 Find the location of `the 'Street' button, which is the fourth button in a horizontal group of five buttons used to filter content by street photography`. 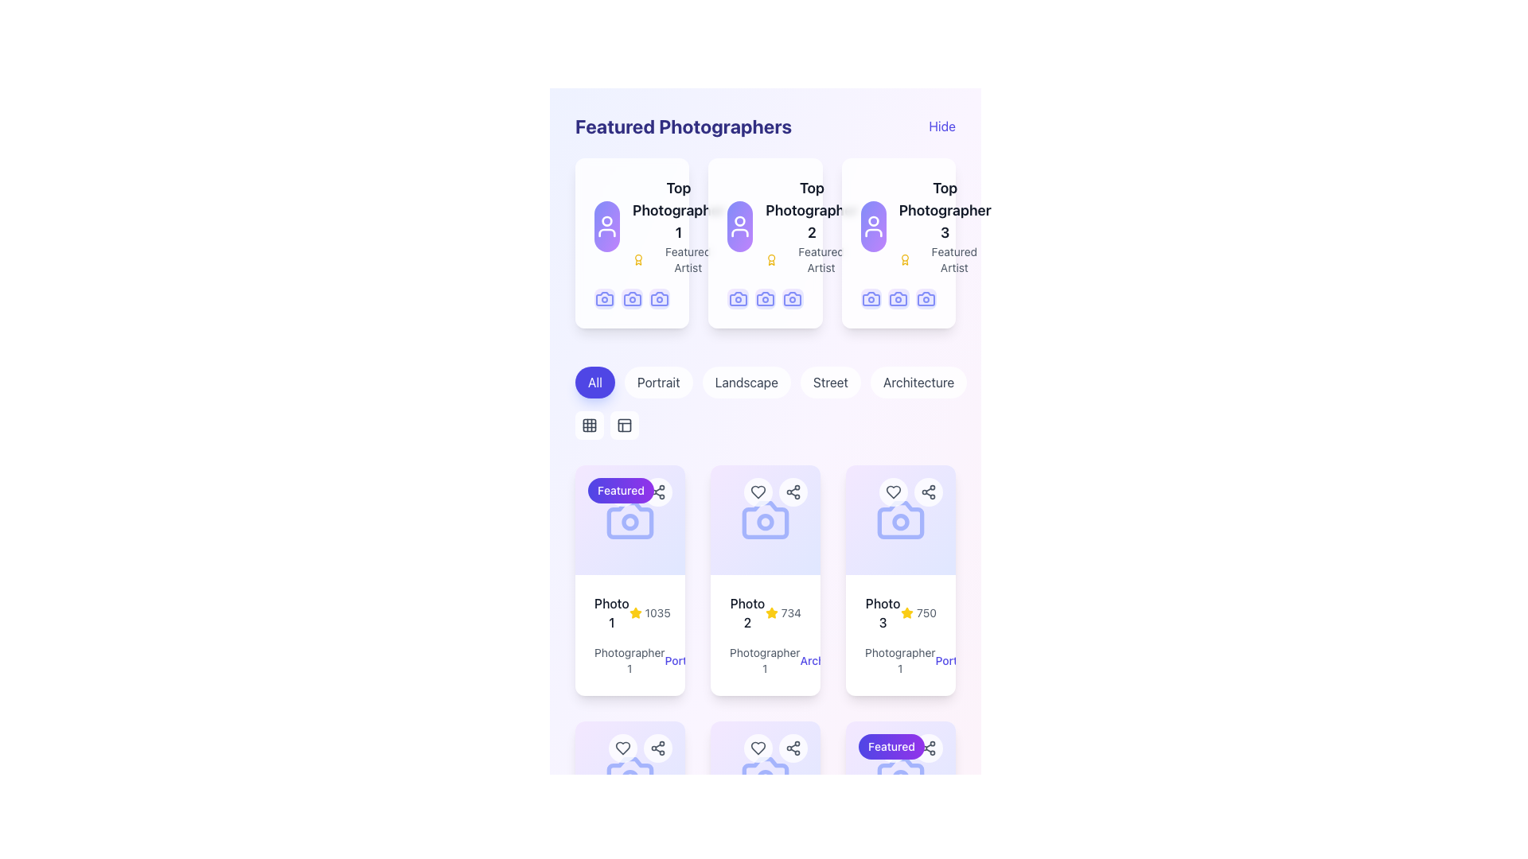

the 'Street' button, which is the fourth button in a horizontal group of five buttons used to filter content by street photography is located at coordinates (829, 383).